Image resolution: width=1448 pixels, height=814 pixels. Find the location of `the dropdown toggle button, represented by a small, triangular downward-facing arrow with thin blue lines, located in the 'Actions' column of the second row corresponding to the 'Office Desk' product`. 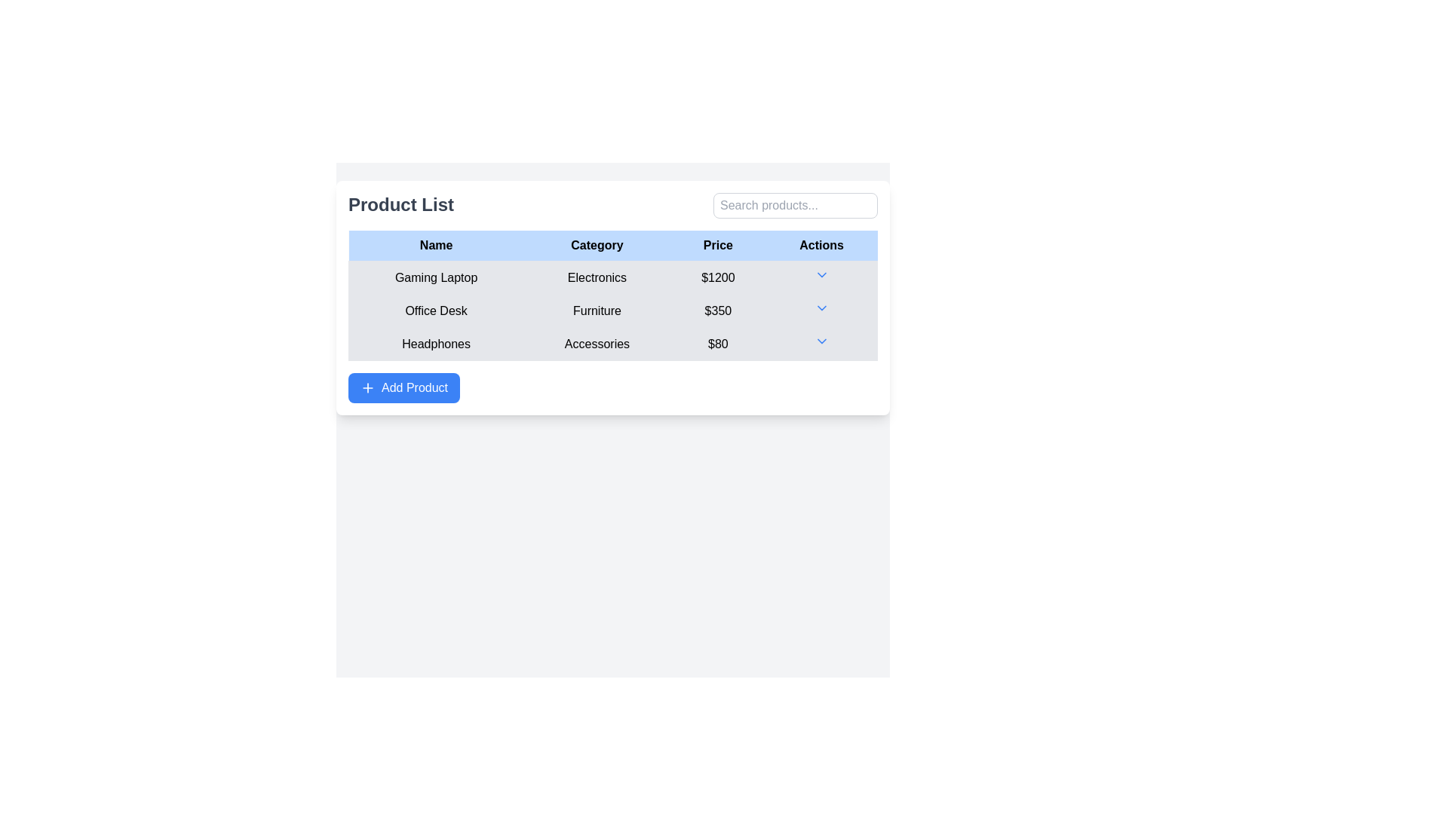

the dropdown toggle button, represented by a small, triangular downward-facing arrow with thin blue lines, located in the 'Actions' column of the second row corresponding to the 'Office Desk' product is located at coordinates (821, 310).